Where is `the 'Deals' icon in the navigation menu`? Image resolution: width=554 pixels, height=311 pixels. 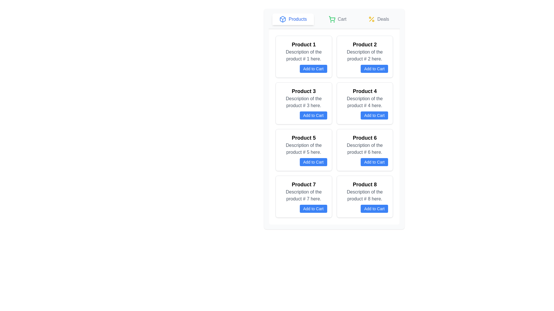
the 'Deals' icon in the navigation menu is located at coordinates (371, 19).